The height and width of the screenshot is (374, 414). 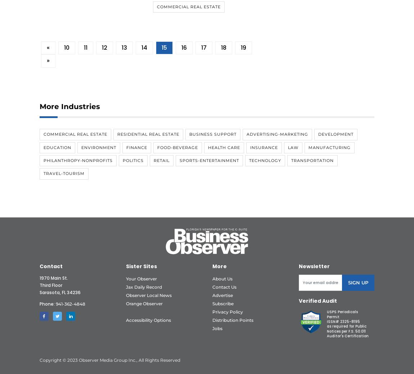 What do you see at coordinates (141, 278) in the screenshot?
I see `'Your Observer'` at bounding box center [141, 278].